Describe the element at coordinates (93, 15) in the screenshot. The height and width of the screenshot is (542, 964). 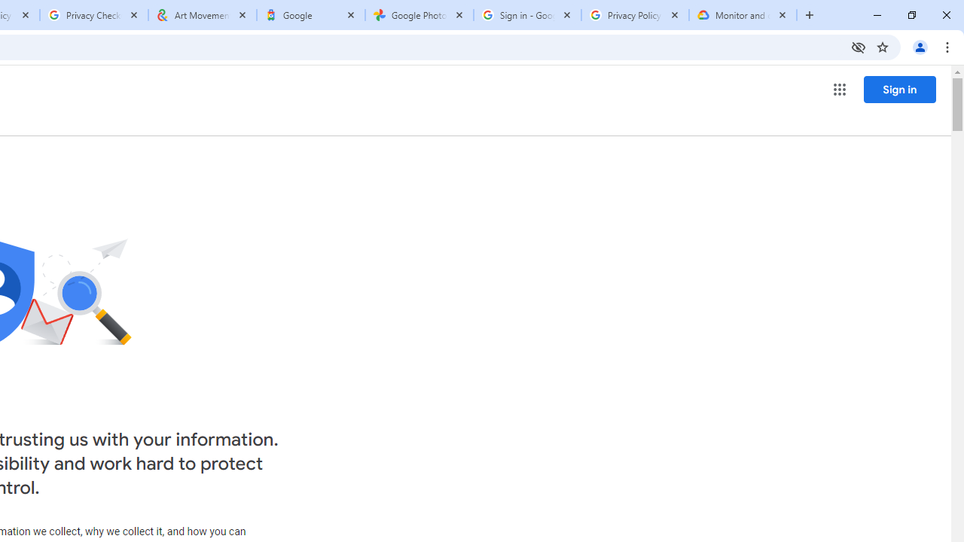
I see `'Privacy Checkup'` at that location.